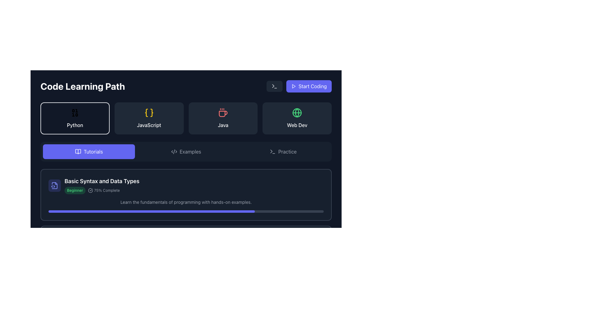 The height and width of the screenshot is (333, 593). I want to click on the 'Tutorials' button, the first button in a row of three, to trigger a visual response, so click(89, 152).